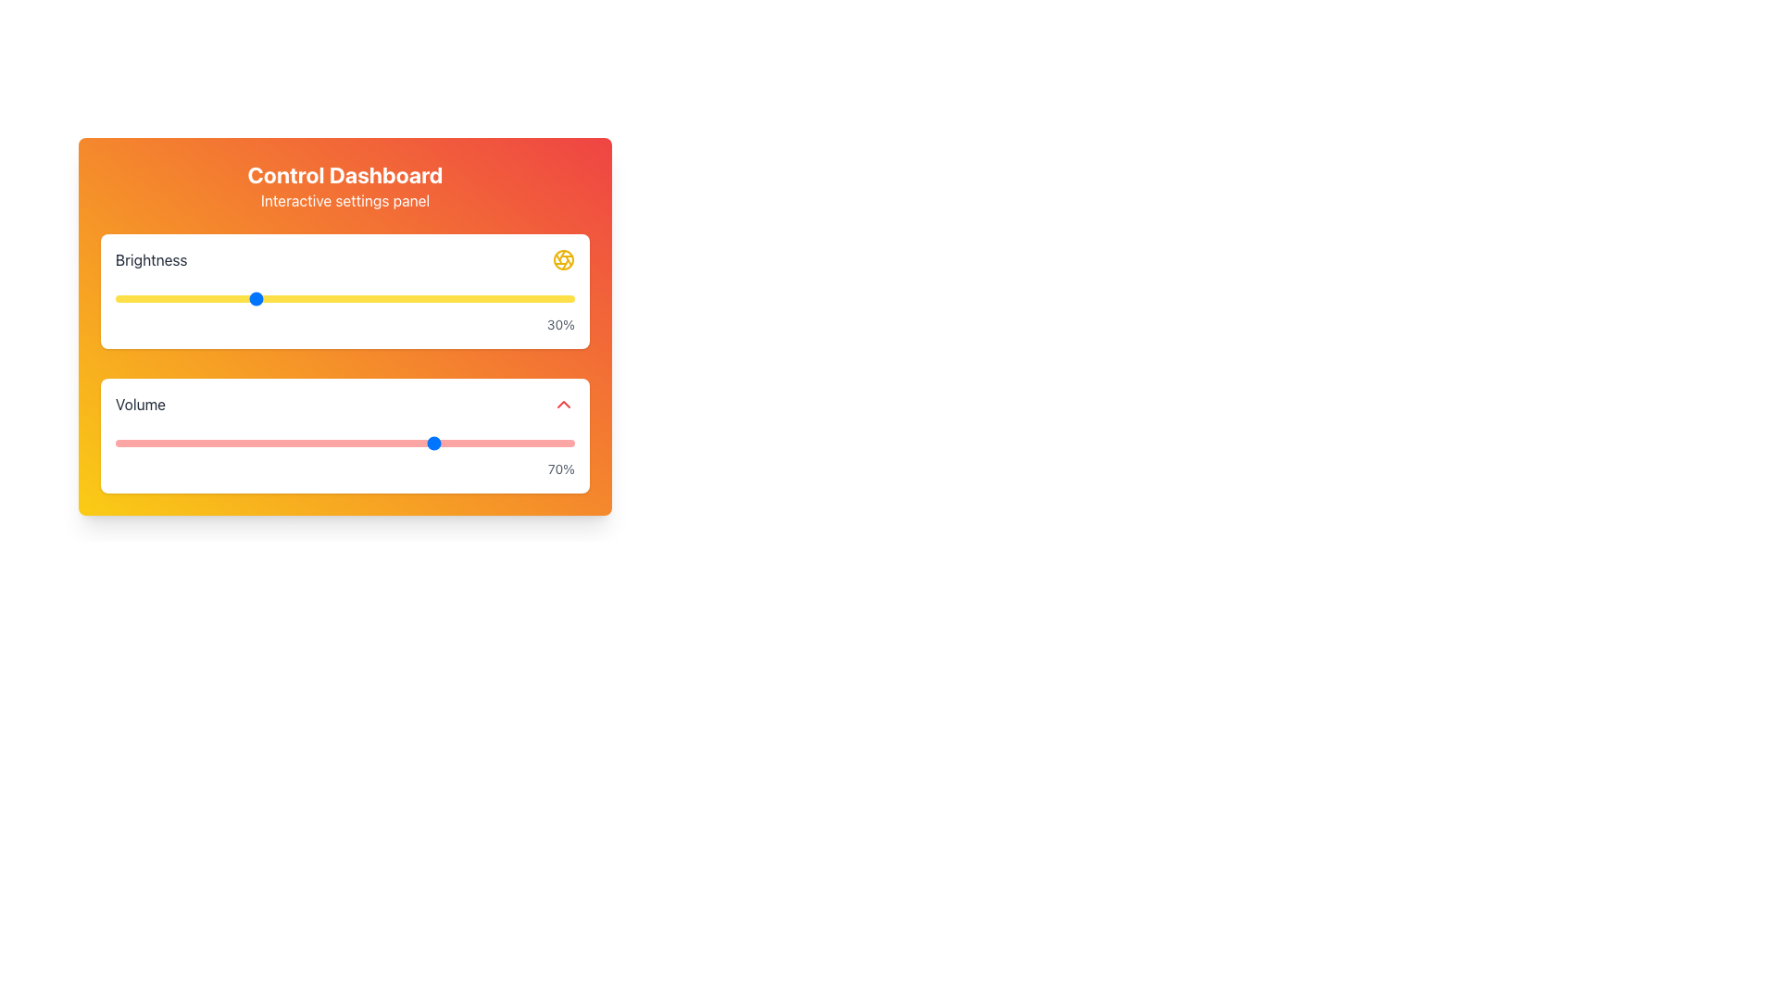  What do you see at coordinates (152, 443) in the screenshot?
I see `the volume slider` at bounding box center [152, 443].